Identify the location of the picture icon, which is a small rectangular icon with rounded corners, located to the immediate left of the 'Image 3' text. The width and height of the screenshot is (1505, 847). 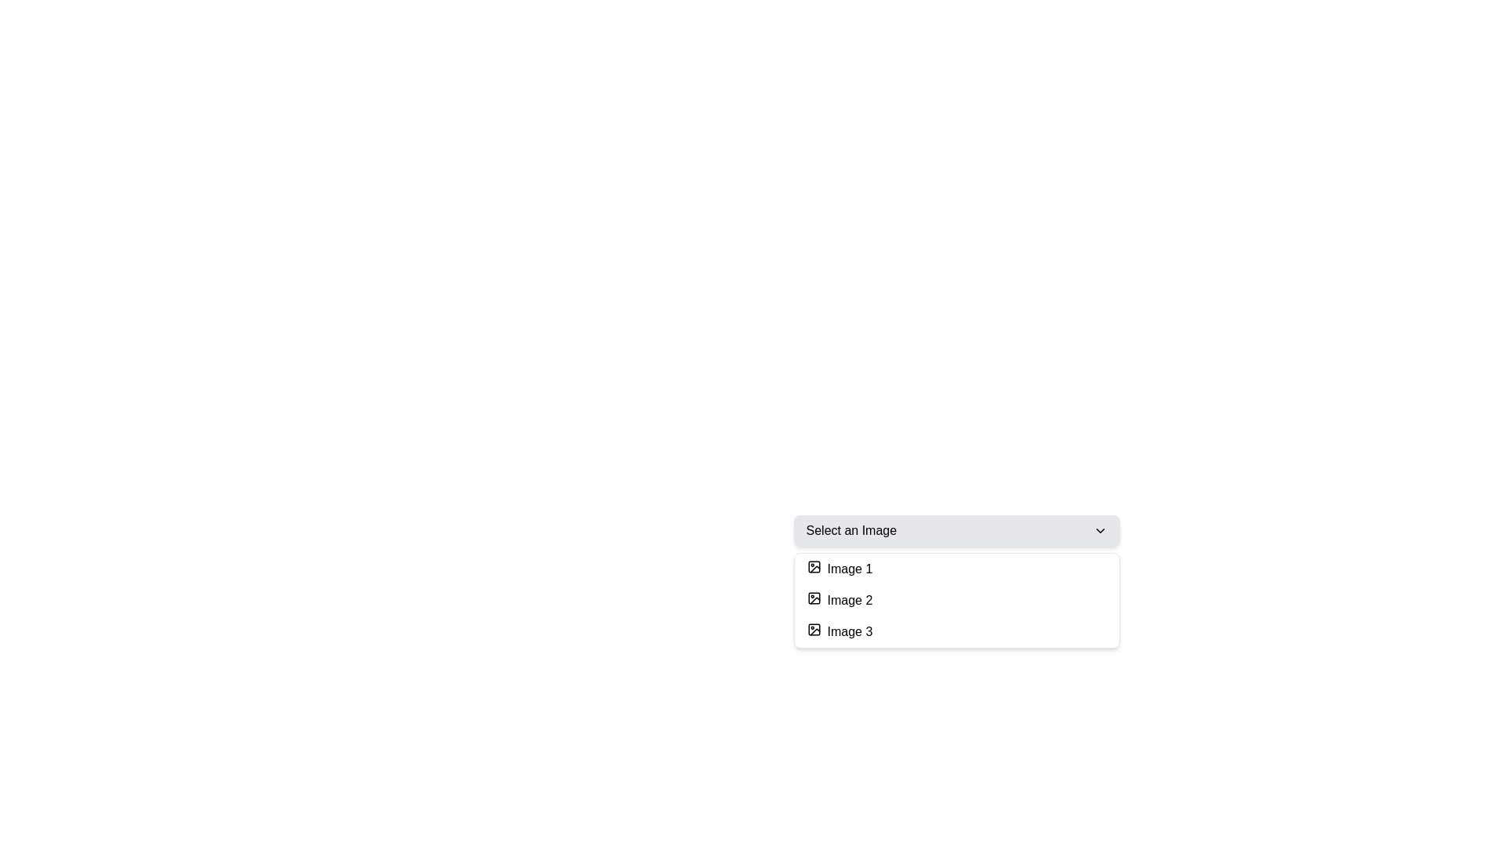
(814, 628).